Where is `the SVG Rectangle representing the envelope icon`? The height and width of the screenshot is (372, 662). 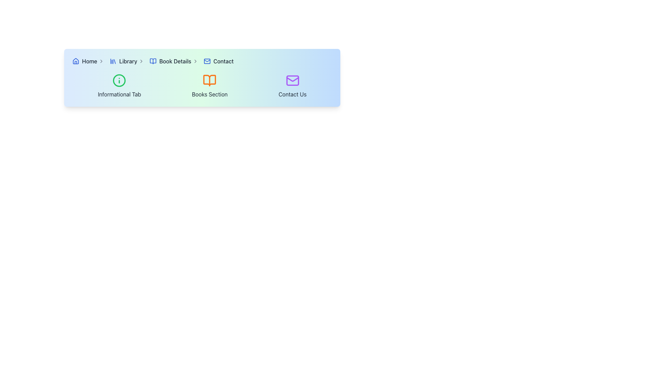 the SVG Rectangle representing the envelope icon is located at coordinates (292, 80).